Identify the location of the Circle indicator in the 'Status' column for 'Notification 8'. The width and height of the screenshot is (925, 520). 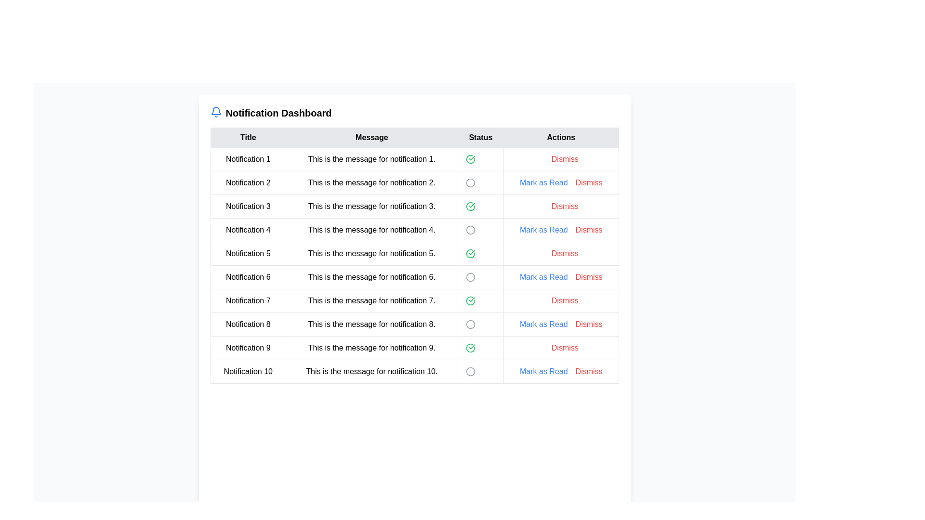
(470, 325).